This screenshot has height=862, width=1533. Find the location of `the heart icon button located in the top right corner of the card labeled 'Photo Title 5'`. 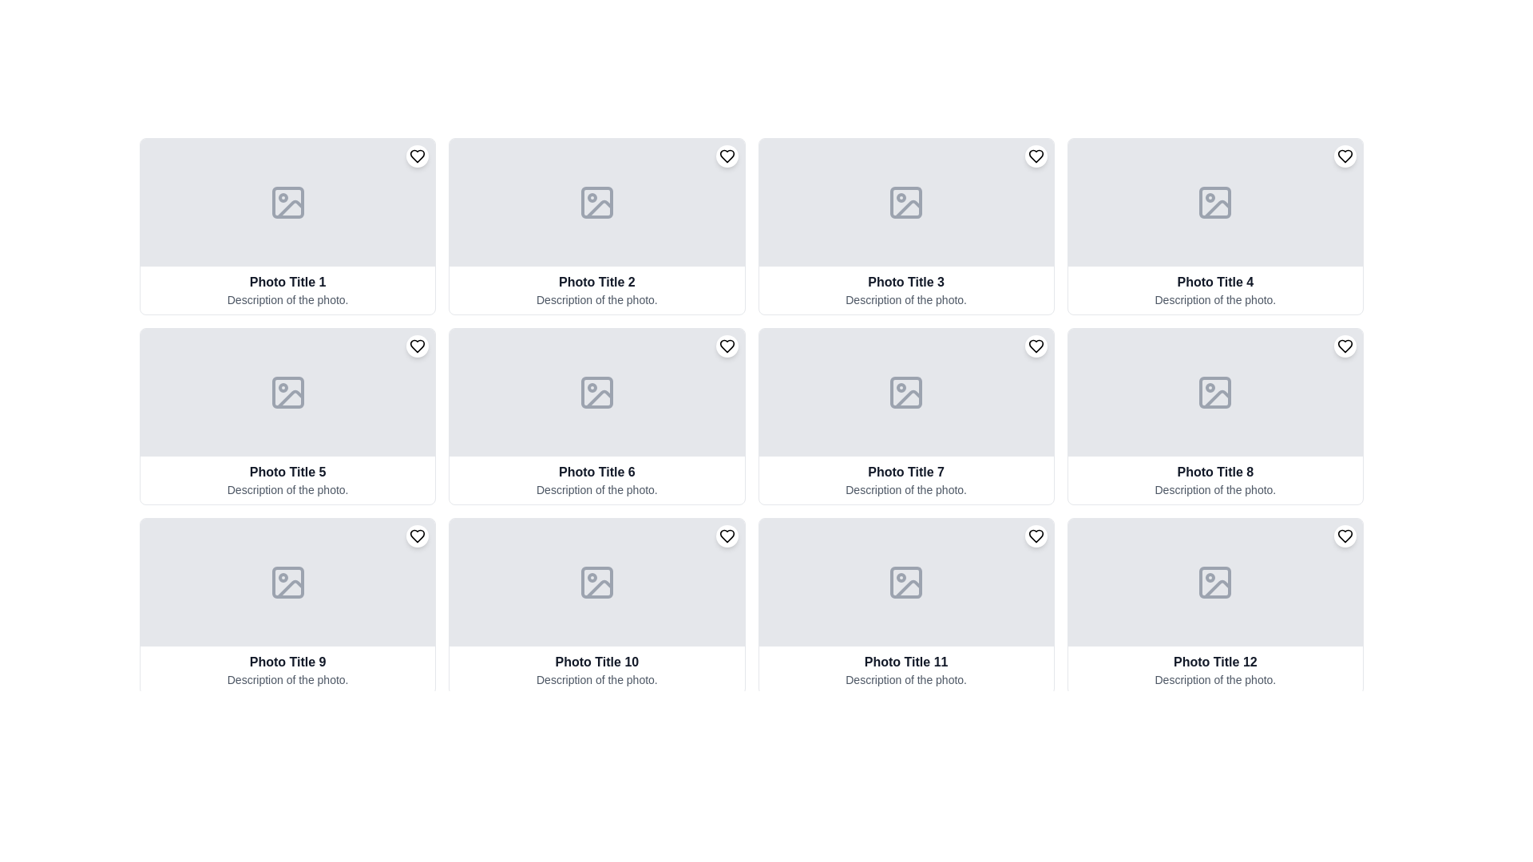

the heart icon button located in the top right corner of the card labeled 'Photo Title 5' is located at coordinates (418, 346).